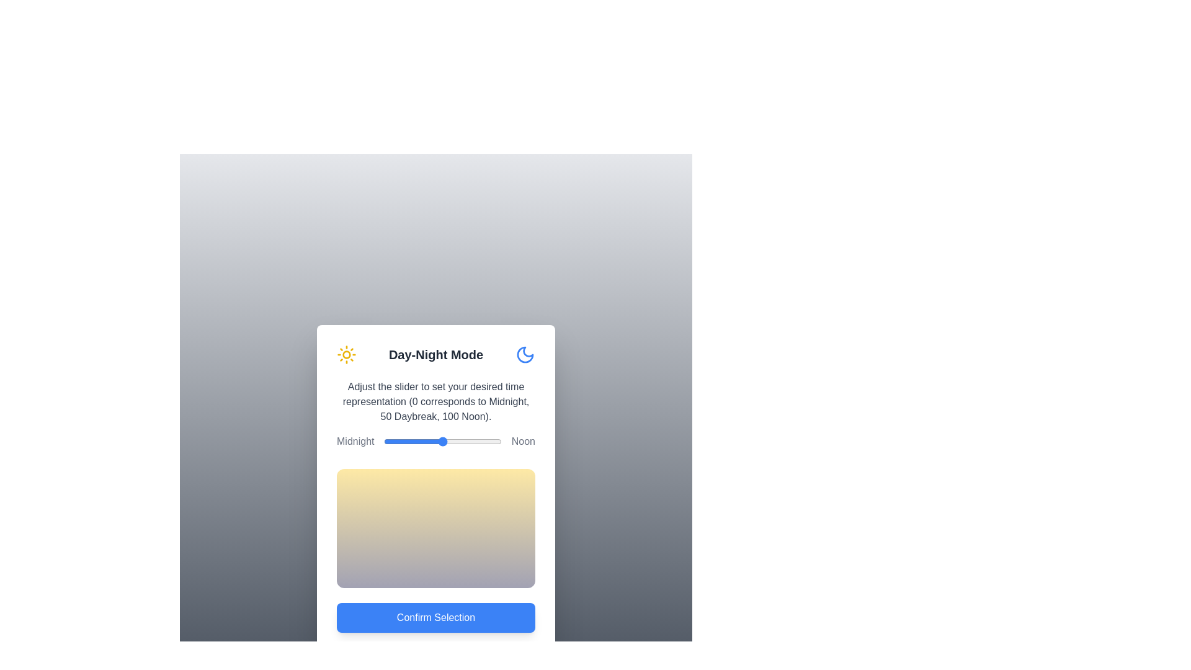  What do you see at coordinates (405, 441) in the screenshot?
I see `the slider to set the time representation to 18` at bounding box center [405, 441].